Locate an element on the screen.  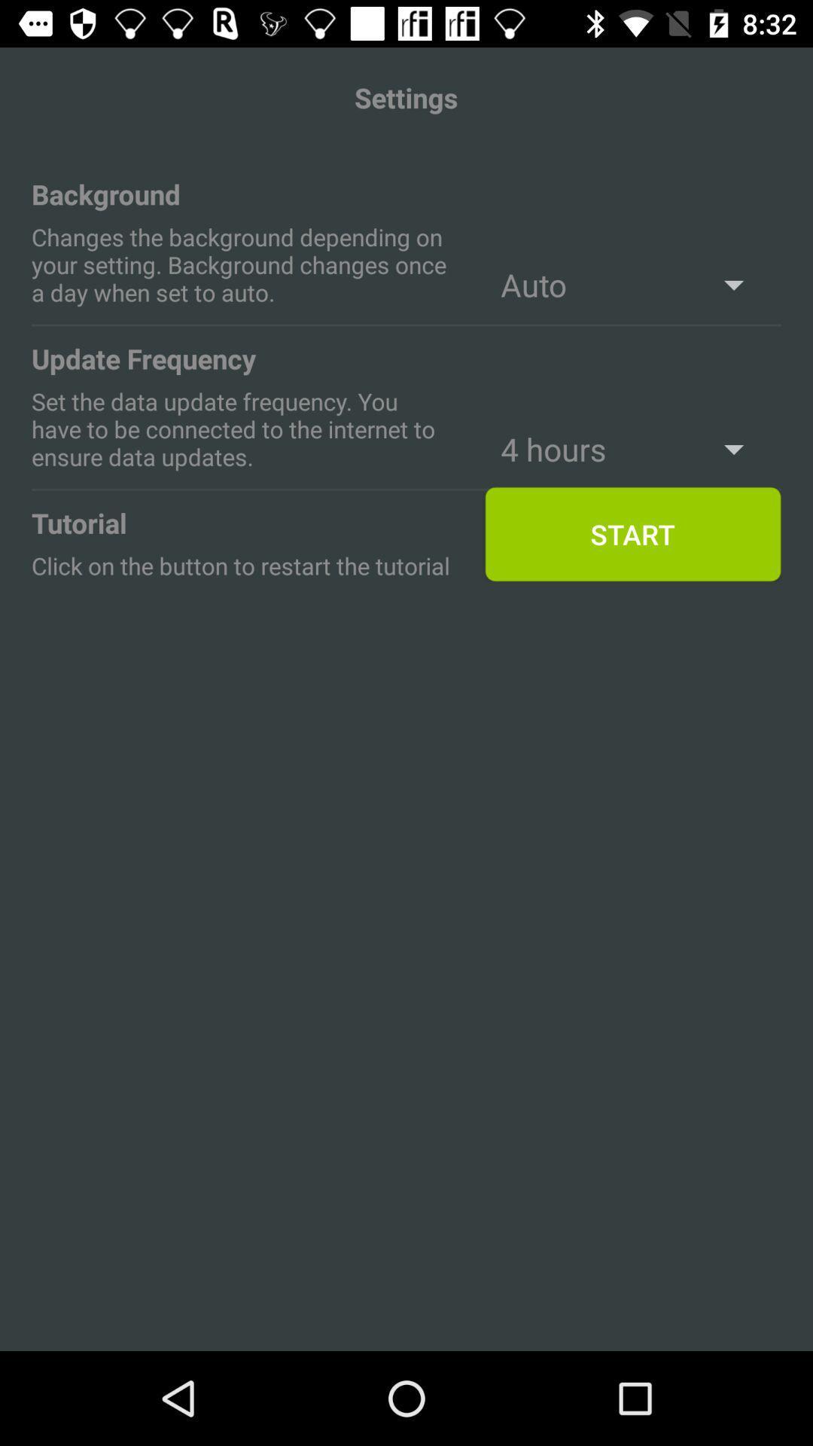
the start button is located at coordinates (632, 535).